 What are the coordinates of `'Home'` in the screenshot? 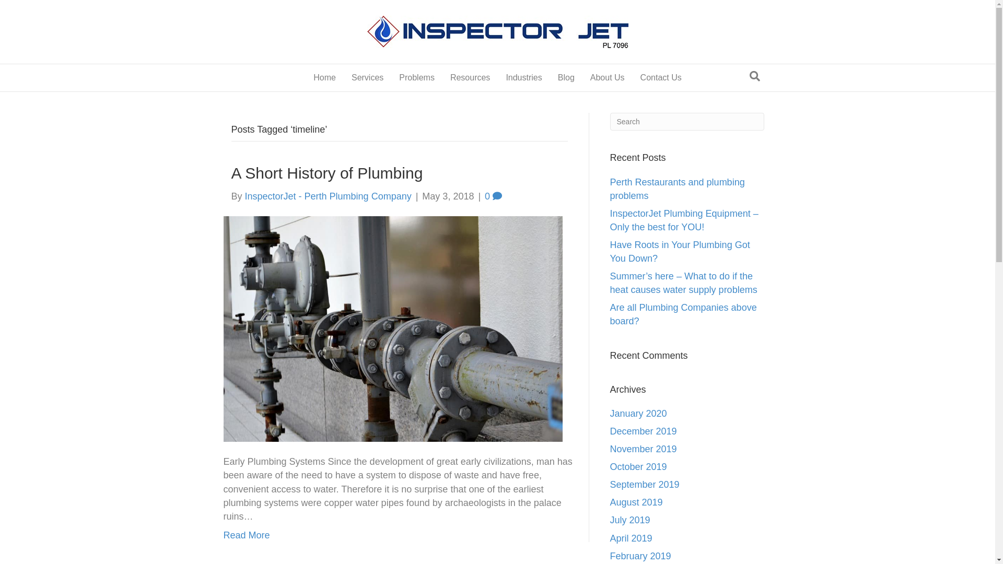 It's located at (324, 77).